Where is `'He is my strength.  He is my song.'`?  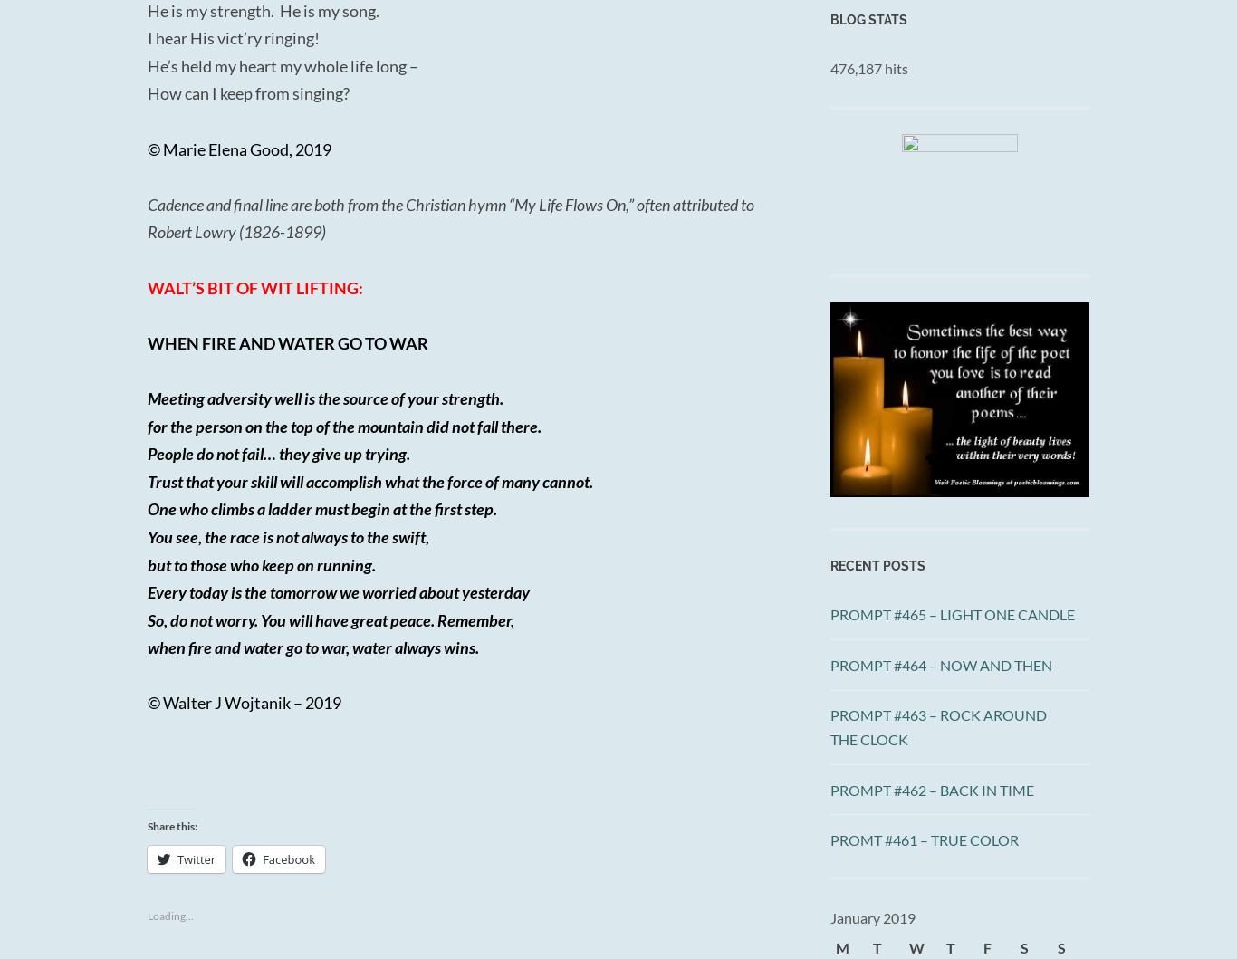 'He is my strength.  He is my song.' is located at coordinates (146, 10).